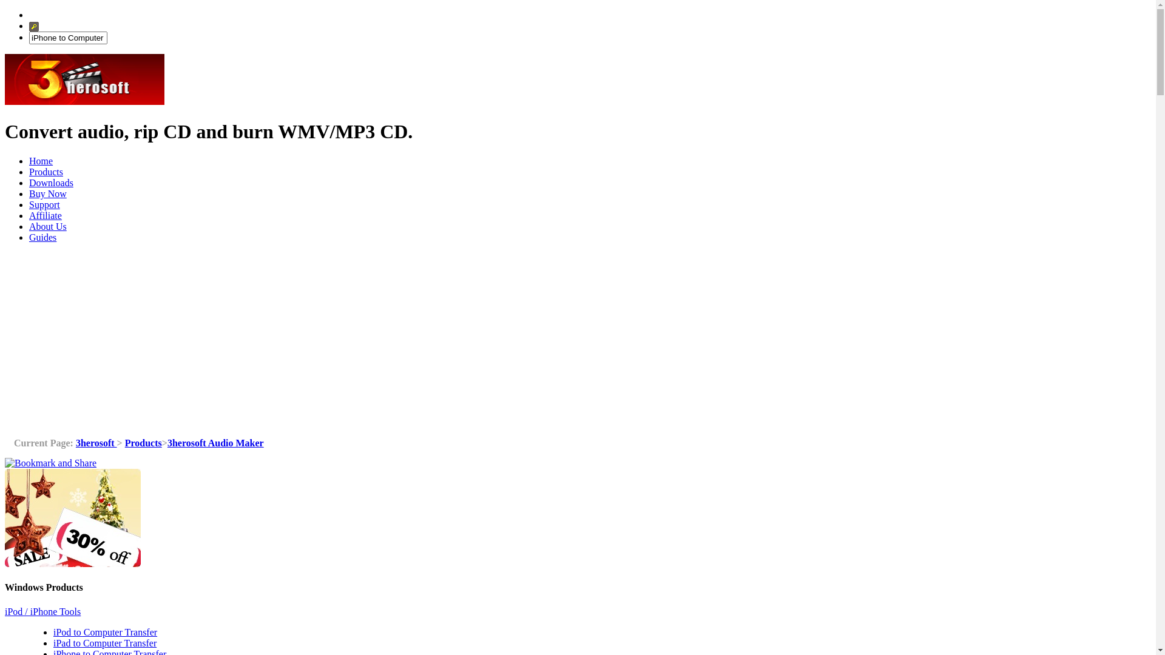  What do you see at coordinates (42, 611) in the screenshot?
I see `'iPod / iPhone Tools'` at bounding box center [42, 611].